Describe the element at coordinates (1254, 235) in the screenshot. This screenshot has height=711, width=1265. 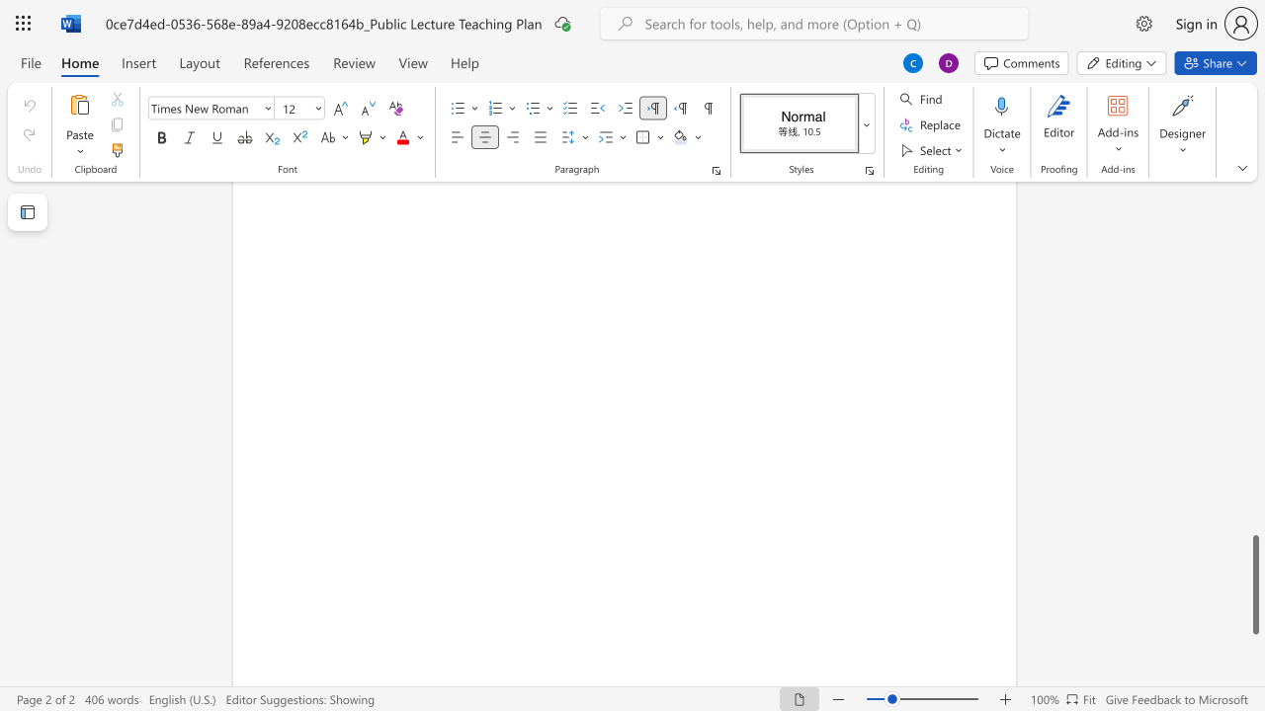
I see `the scrollbar on the right side to scroll the page up` at that location.